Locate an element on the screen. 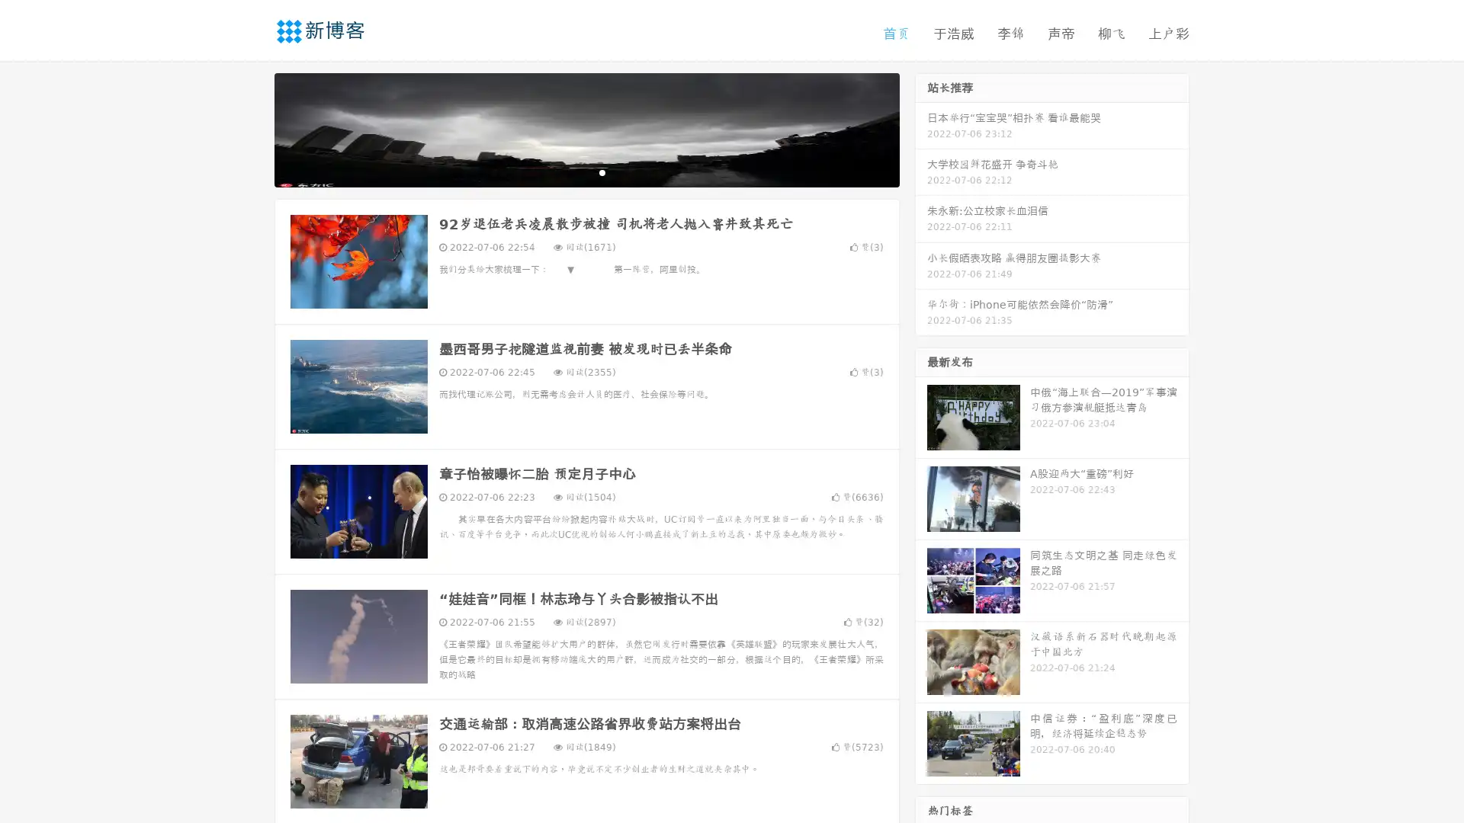 Image resolution: width=1464 pixels, height=823 pixels. Go to slide 2 is located at coordinates (586, 171).